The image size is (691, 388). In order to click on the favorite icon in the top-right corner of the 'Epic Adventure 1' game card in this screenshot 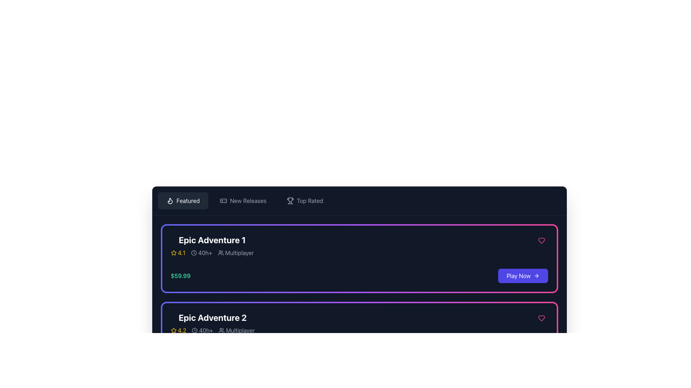, I will do `click(541, 241)`.